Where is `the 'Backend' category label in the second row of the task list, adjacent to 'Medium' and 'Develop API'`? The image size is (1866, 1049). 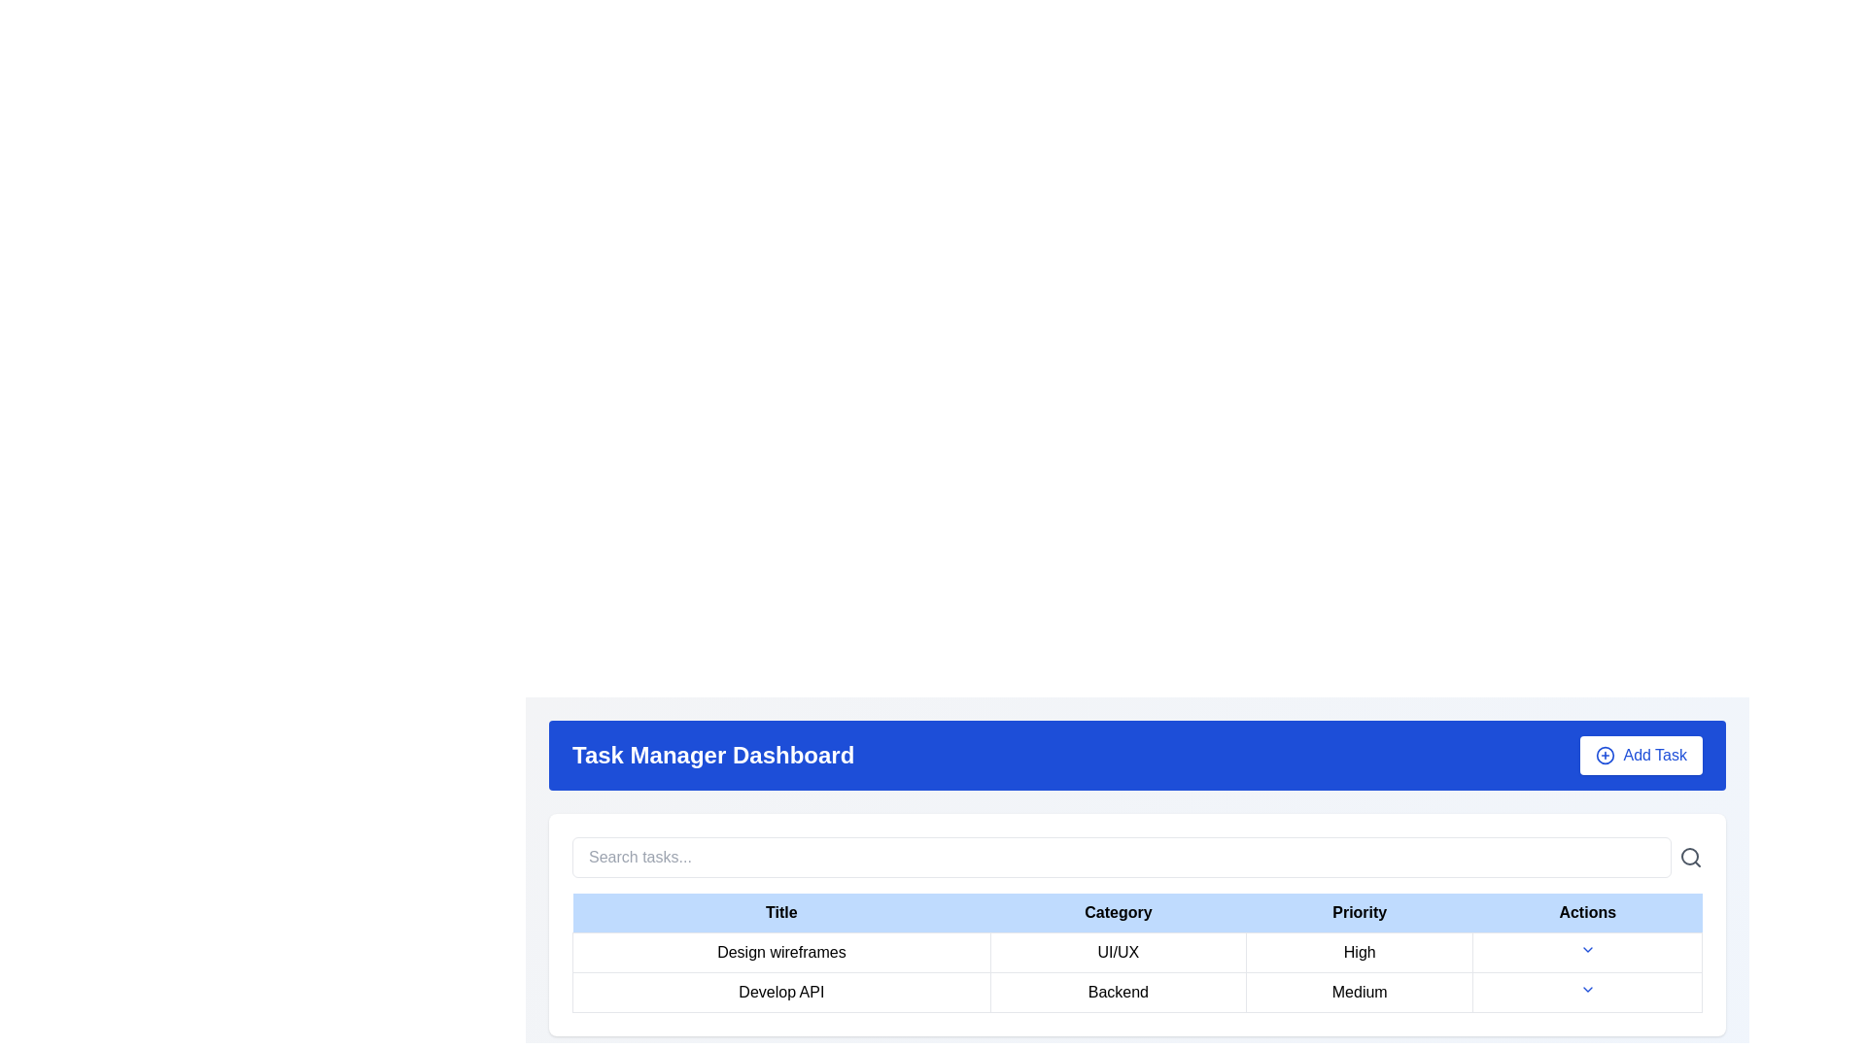 the 'Backend' category label in the second row of the task list, adjacent to 'Medium' and 'Develop API' is located at coordinates (1137, 993).